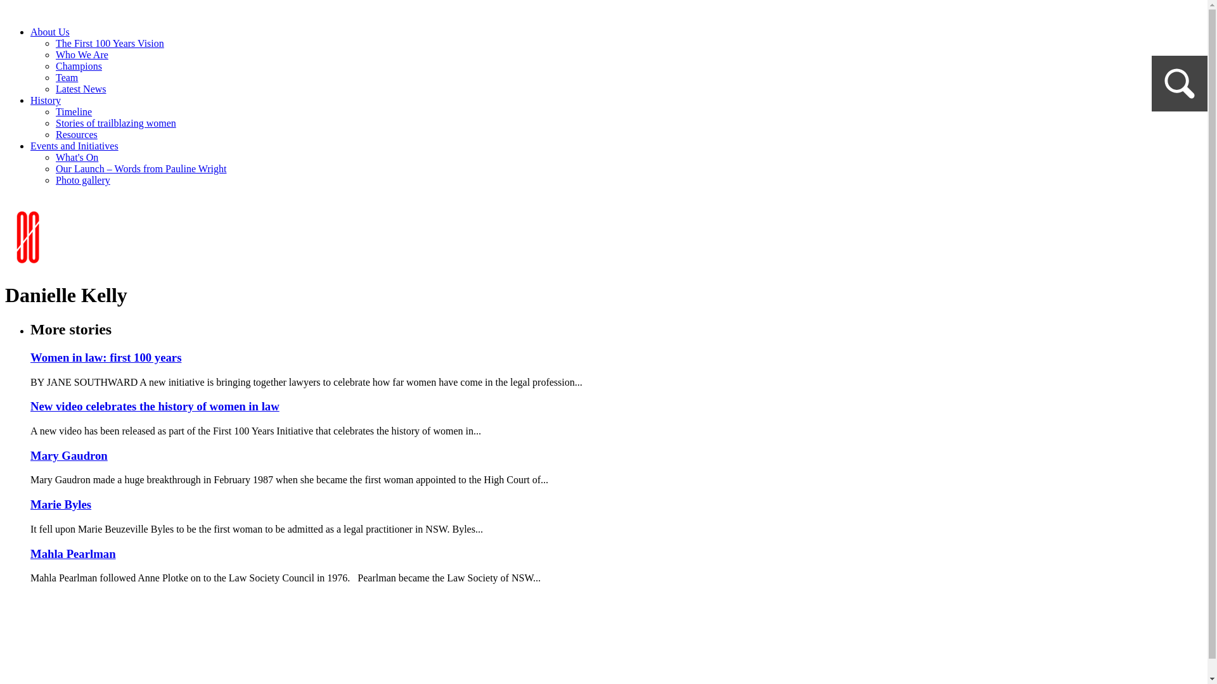 The height and width of the screenshot is (684, 1217). I want to click on 'About Us', so click(49, 31).